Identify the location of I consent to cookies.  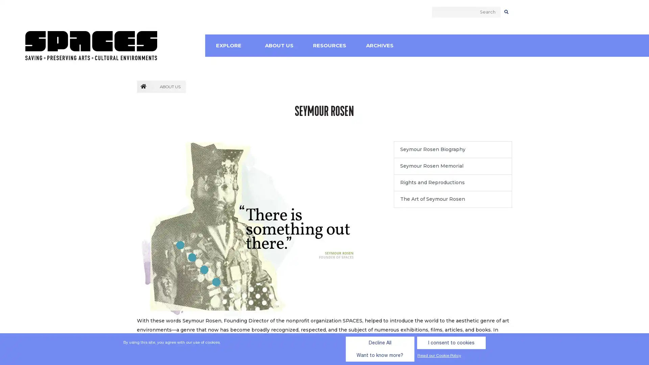
(388, 355).